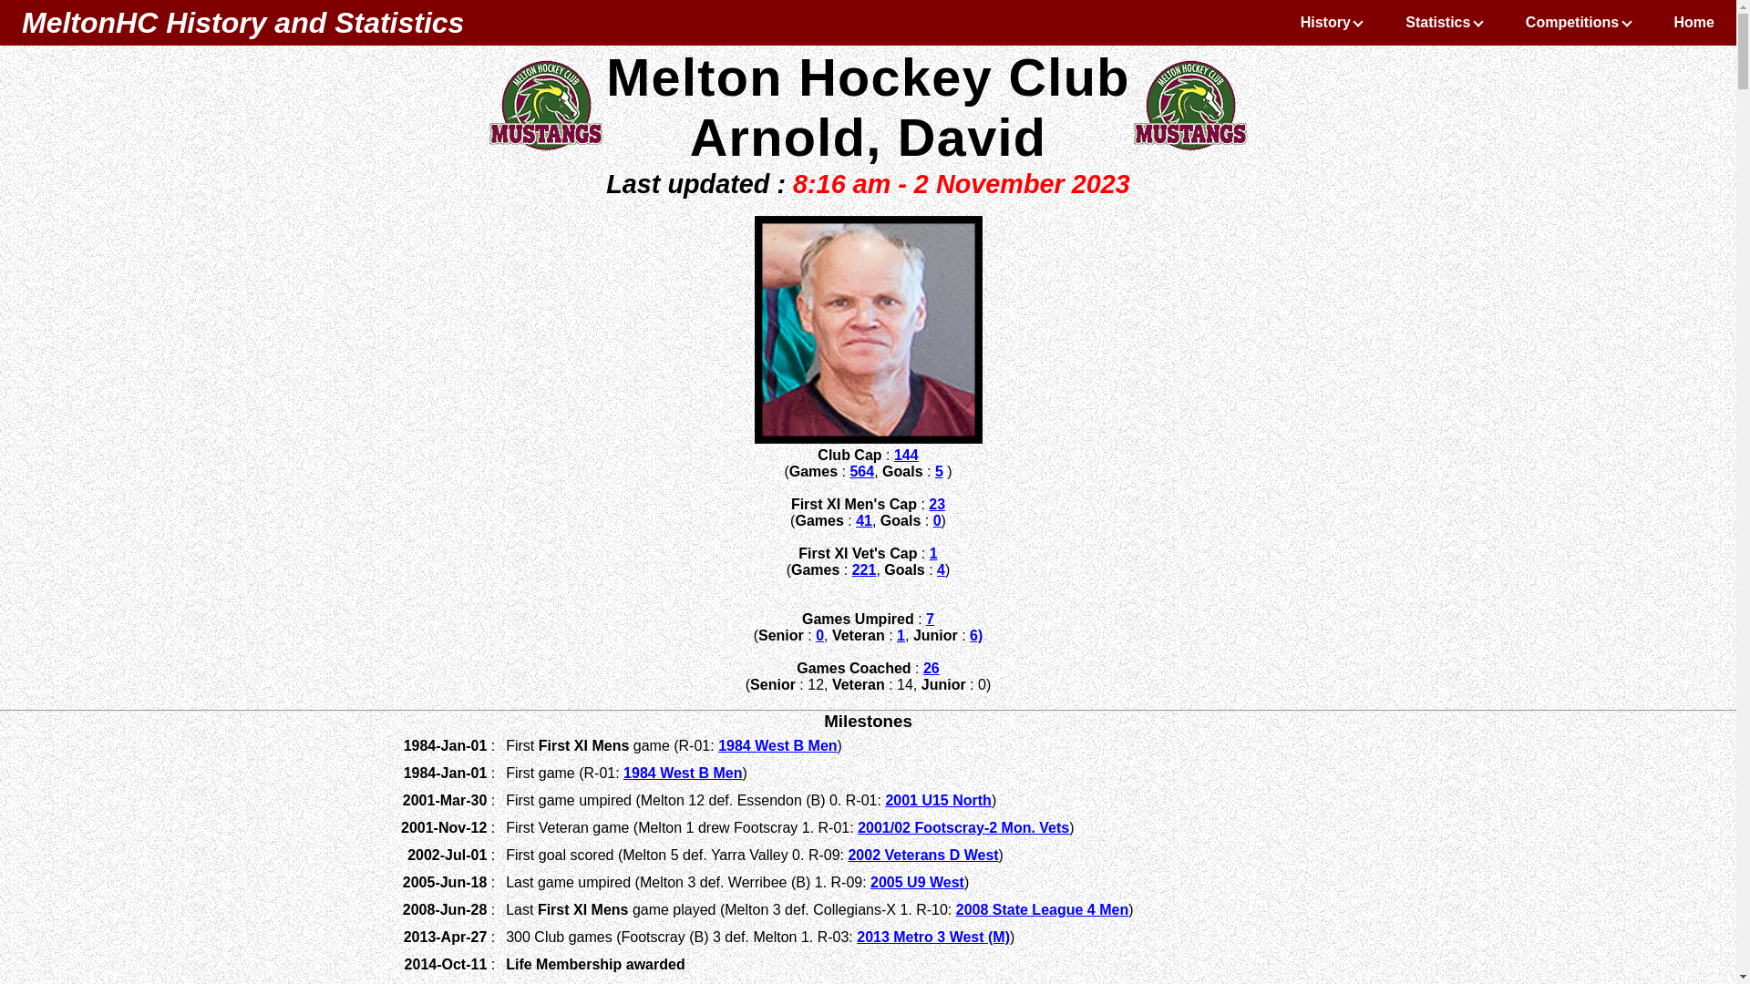 This screenshot has width=1750, height=984. I want to click on '41', so click(863, 520).